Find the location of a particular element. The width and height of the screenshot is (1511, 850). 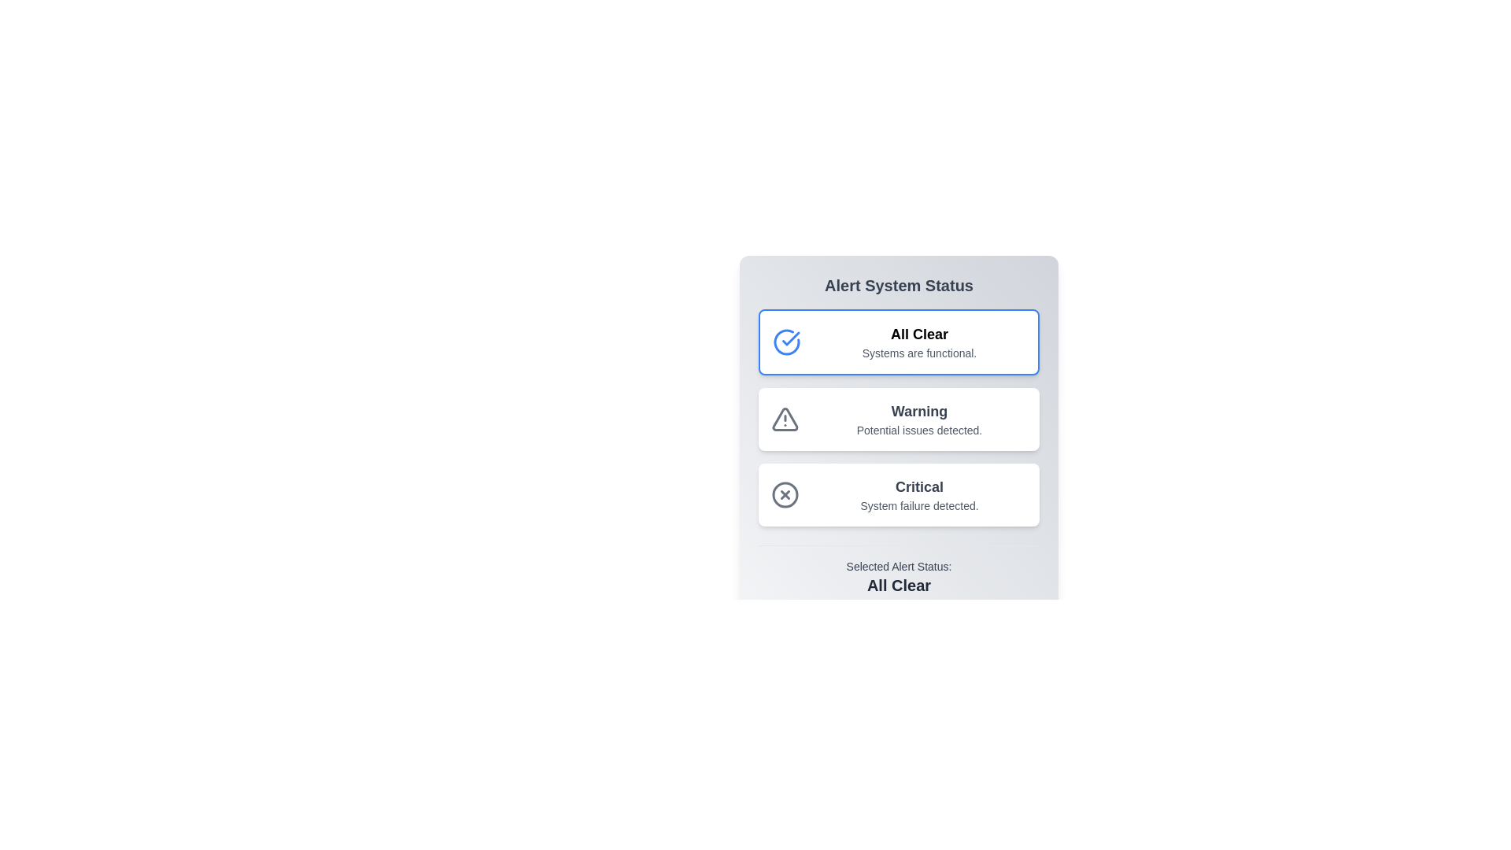

the 'Warning' text label element displayed in bold styling within the status card, which is centrally located above the 'Potential issues detected.' text and adjacent to a warning icon is located at coordinates (919, 411).